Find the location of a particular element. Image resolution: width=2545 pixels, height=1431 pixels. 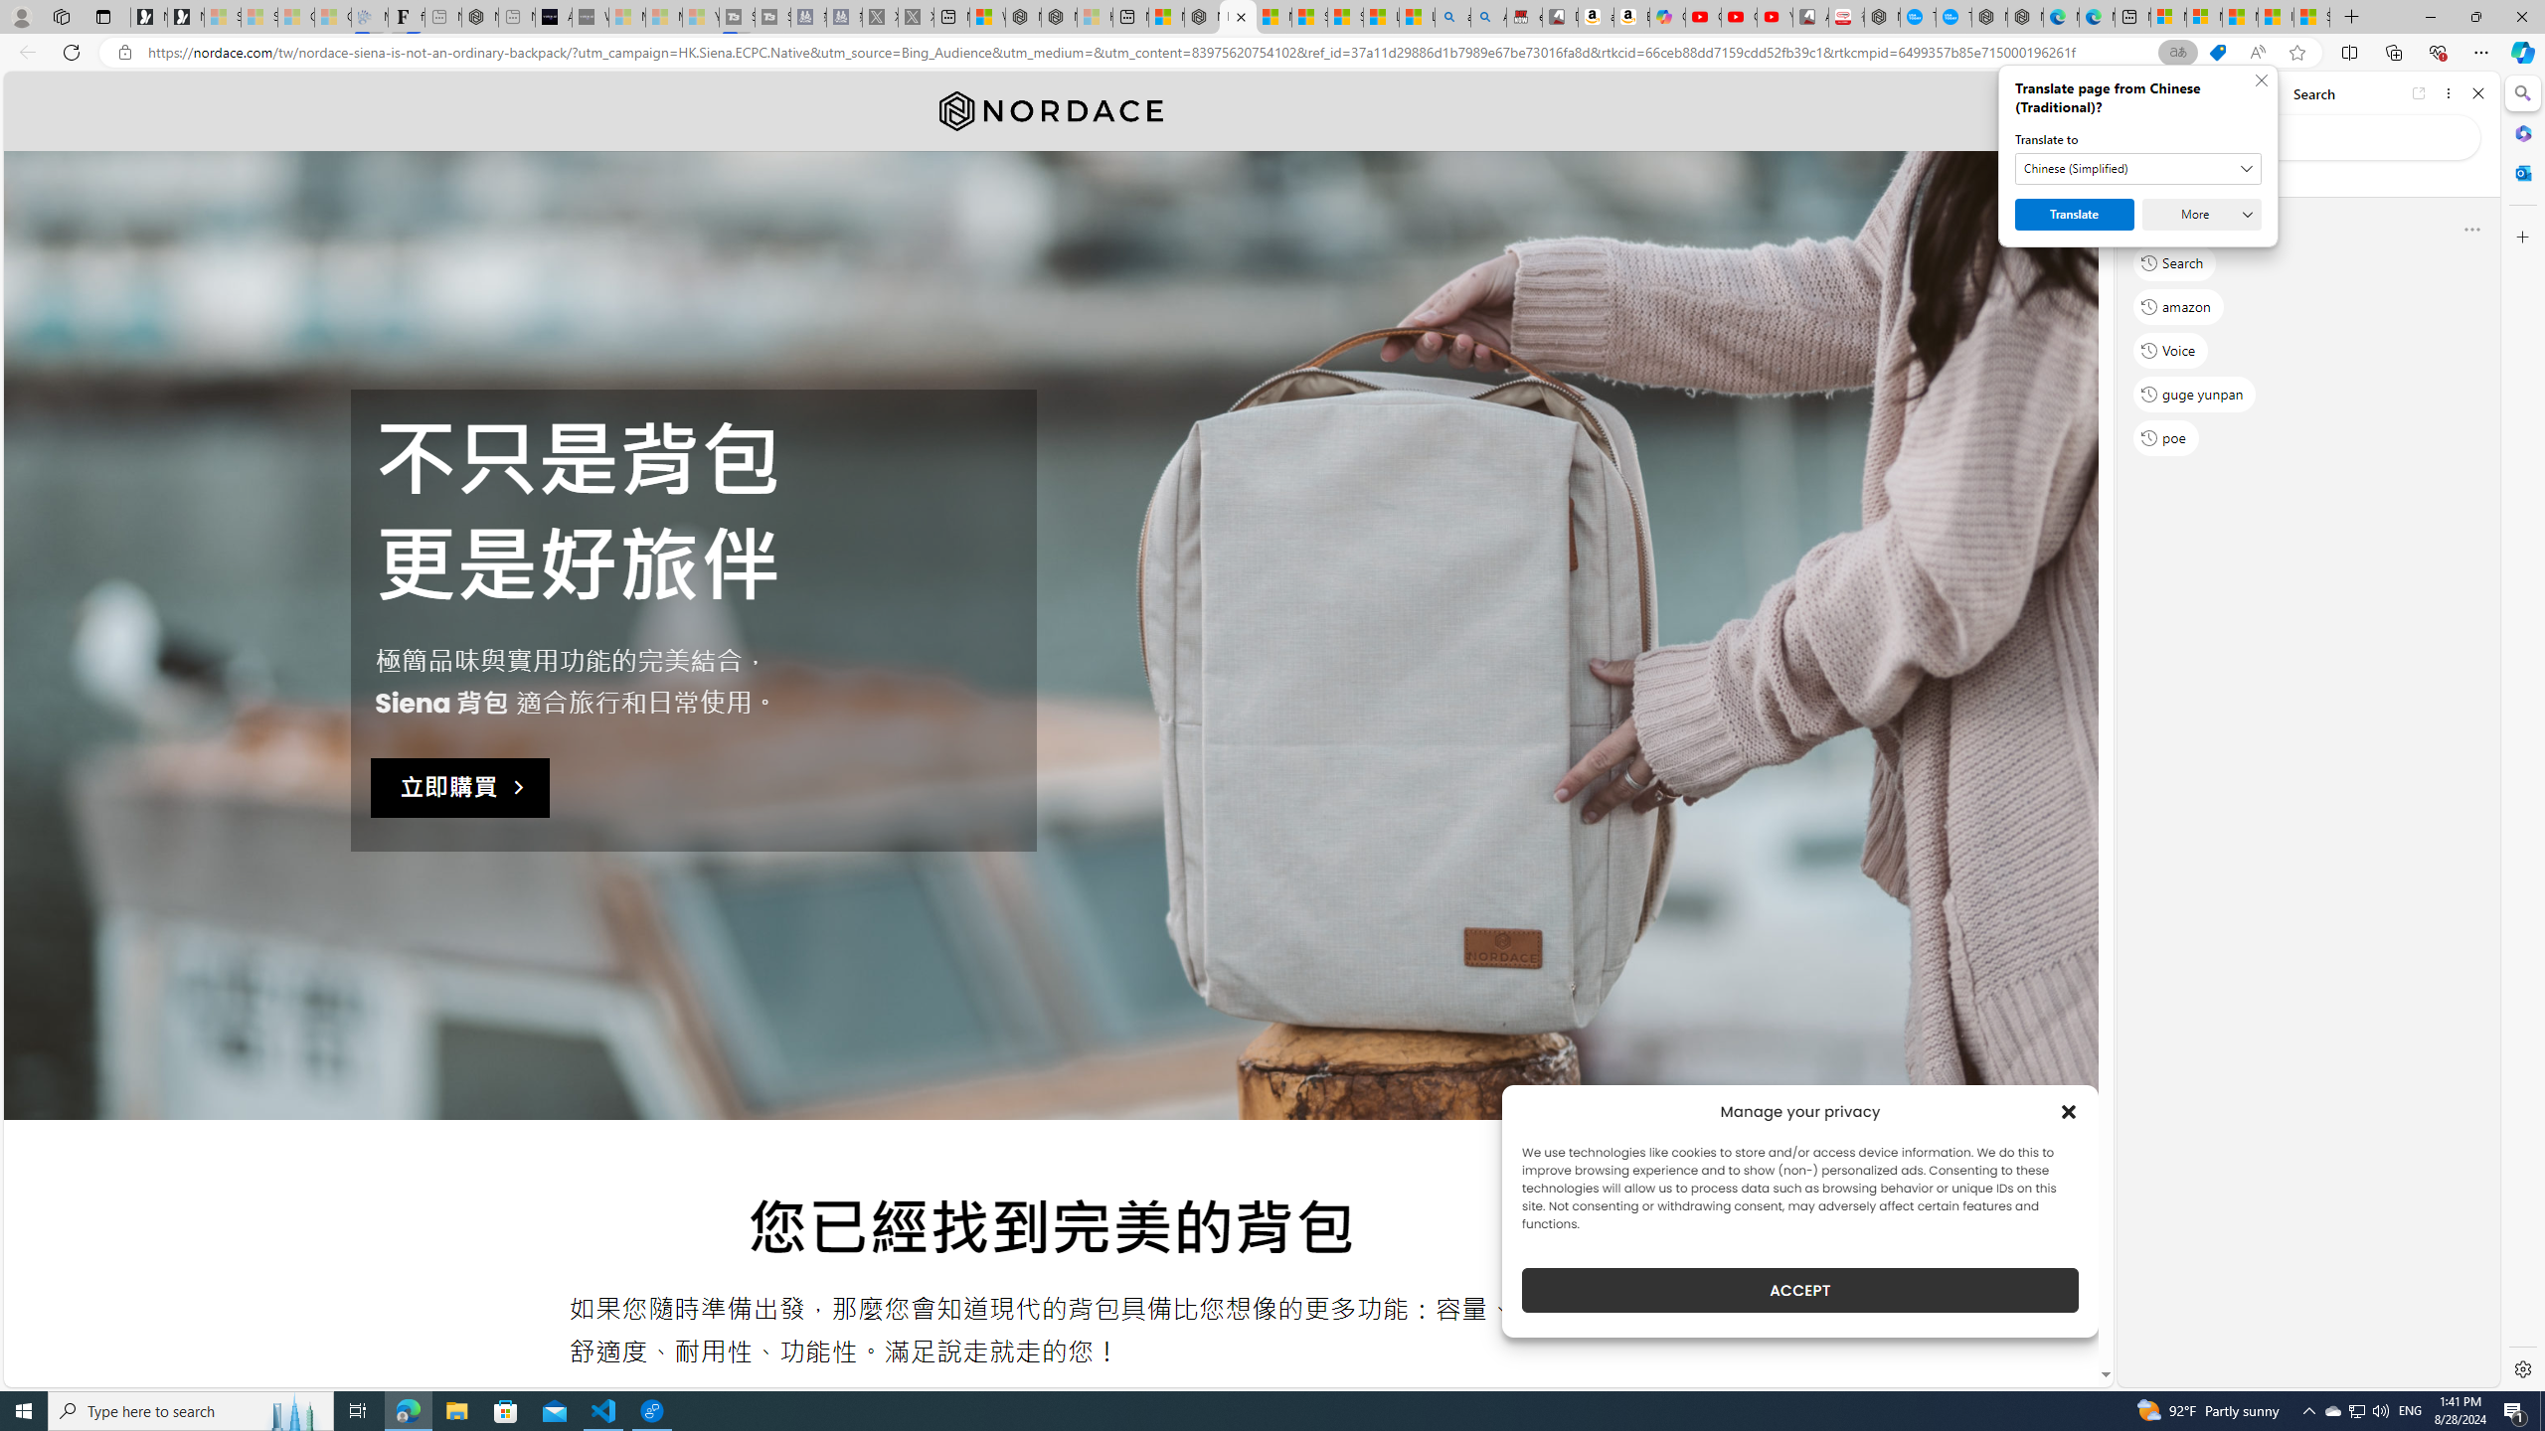

'Home' is located at coordinates (2204, 92).